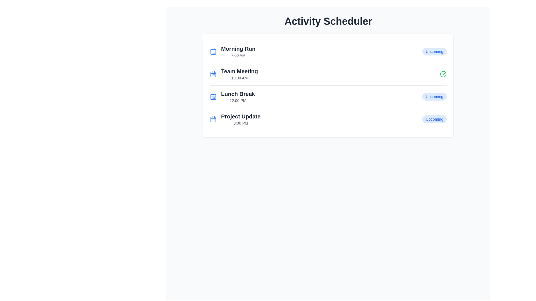 Image resolution: width=536 pixels, height=301 pixels. I want to click on the text label displaying '7:00 AM', which is styled in light gray and positioned directly beneath the 'Morning Run' label, so click(238, 55).